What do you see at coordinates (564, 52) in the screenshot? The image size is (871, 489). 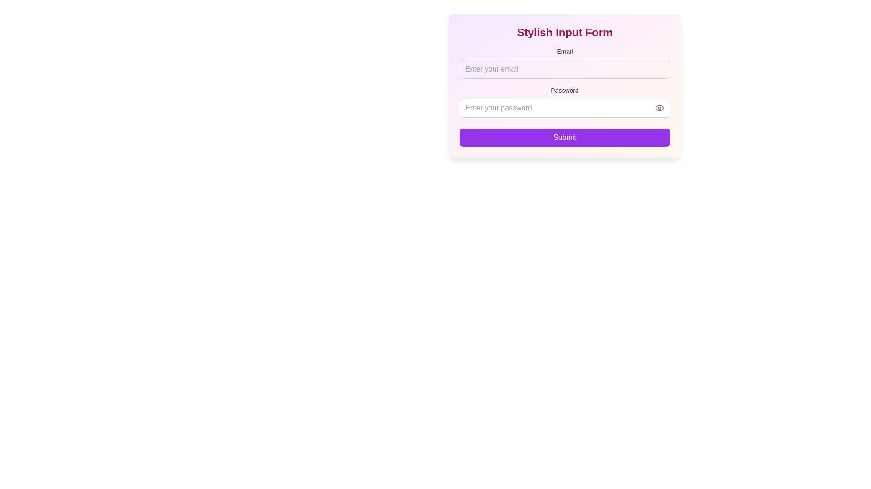 I see `the text label displaying 'Email' in gray font, located at the top left of the email input field` at bounding box center [564, 52].